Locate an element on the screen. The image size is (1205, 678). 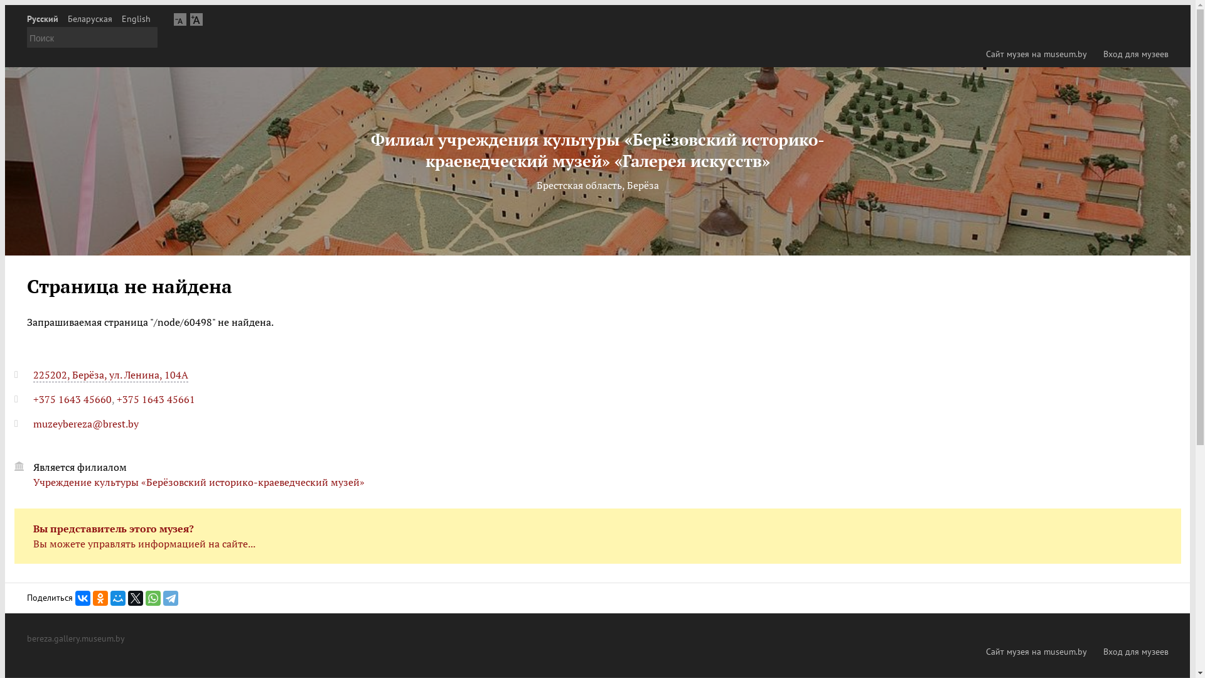
'+375 1643 45660' is located at coordinates (72, 399).